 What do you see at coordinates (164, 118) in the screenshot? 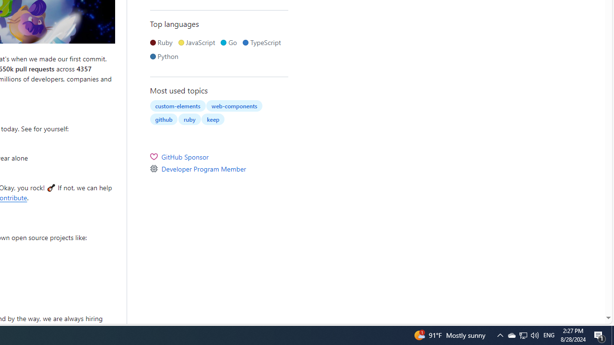
I see `'github'` at bounding box center [164, 118].